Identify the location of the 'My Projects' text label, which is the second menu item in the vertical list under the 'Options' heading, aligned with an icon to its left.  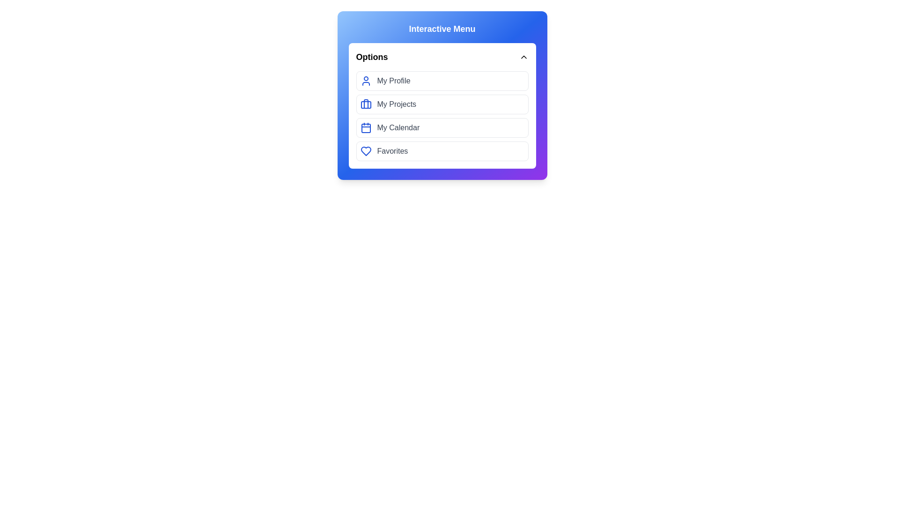
(397, 104).